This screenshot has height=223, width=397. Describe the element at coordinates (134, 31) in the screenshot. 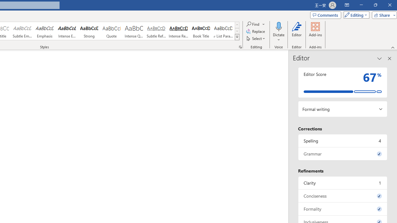

I see `'Intense Quote'` at that location.